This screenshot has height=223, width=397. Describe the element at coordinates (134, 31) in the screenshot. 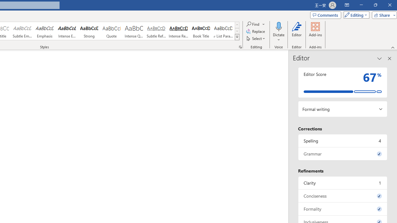

I see `'Intense Quote'` at that location.